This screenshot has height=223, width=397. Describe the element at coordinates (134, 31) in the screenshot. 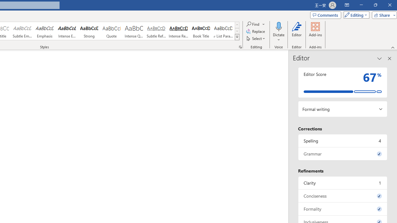

I see `'Intense Quote'` at that location.